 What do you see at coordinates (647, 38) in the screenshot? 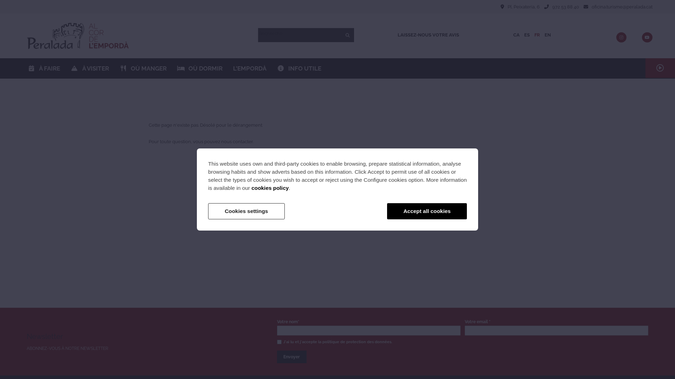
I see `'Youtube Ajuntament de Peralada'` at bounding box center [647, 38].